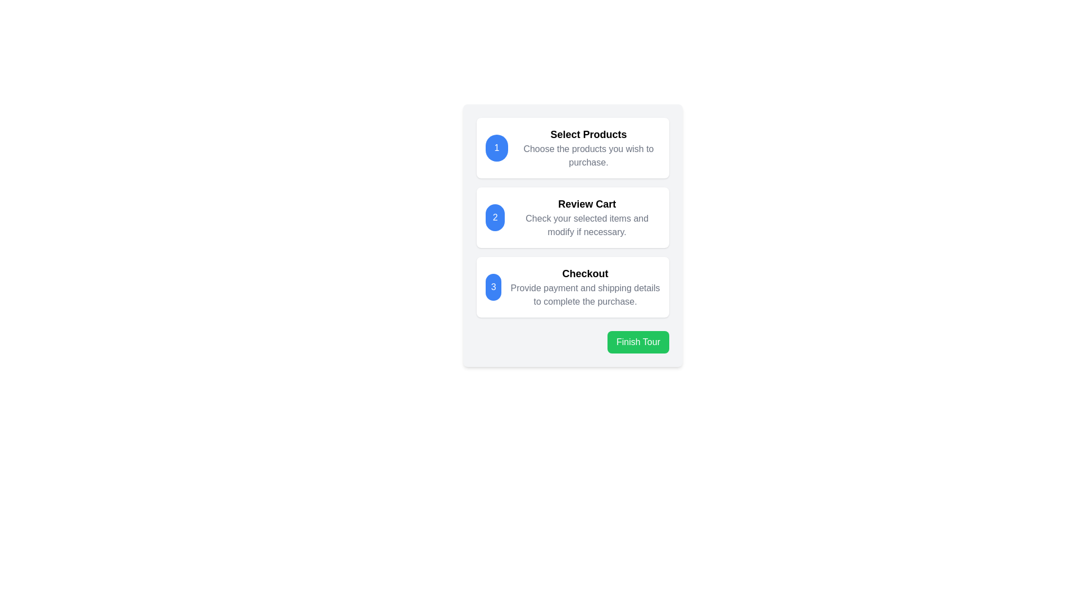 This screenshot has width=1078, height=606. Describe the element at coordinates (588, 155) in the screenshot. I see `instructional text 'Choose the products you wish to purchase.' which is rendered below the title 'Select Products' in a light gray font` at that location.